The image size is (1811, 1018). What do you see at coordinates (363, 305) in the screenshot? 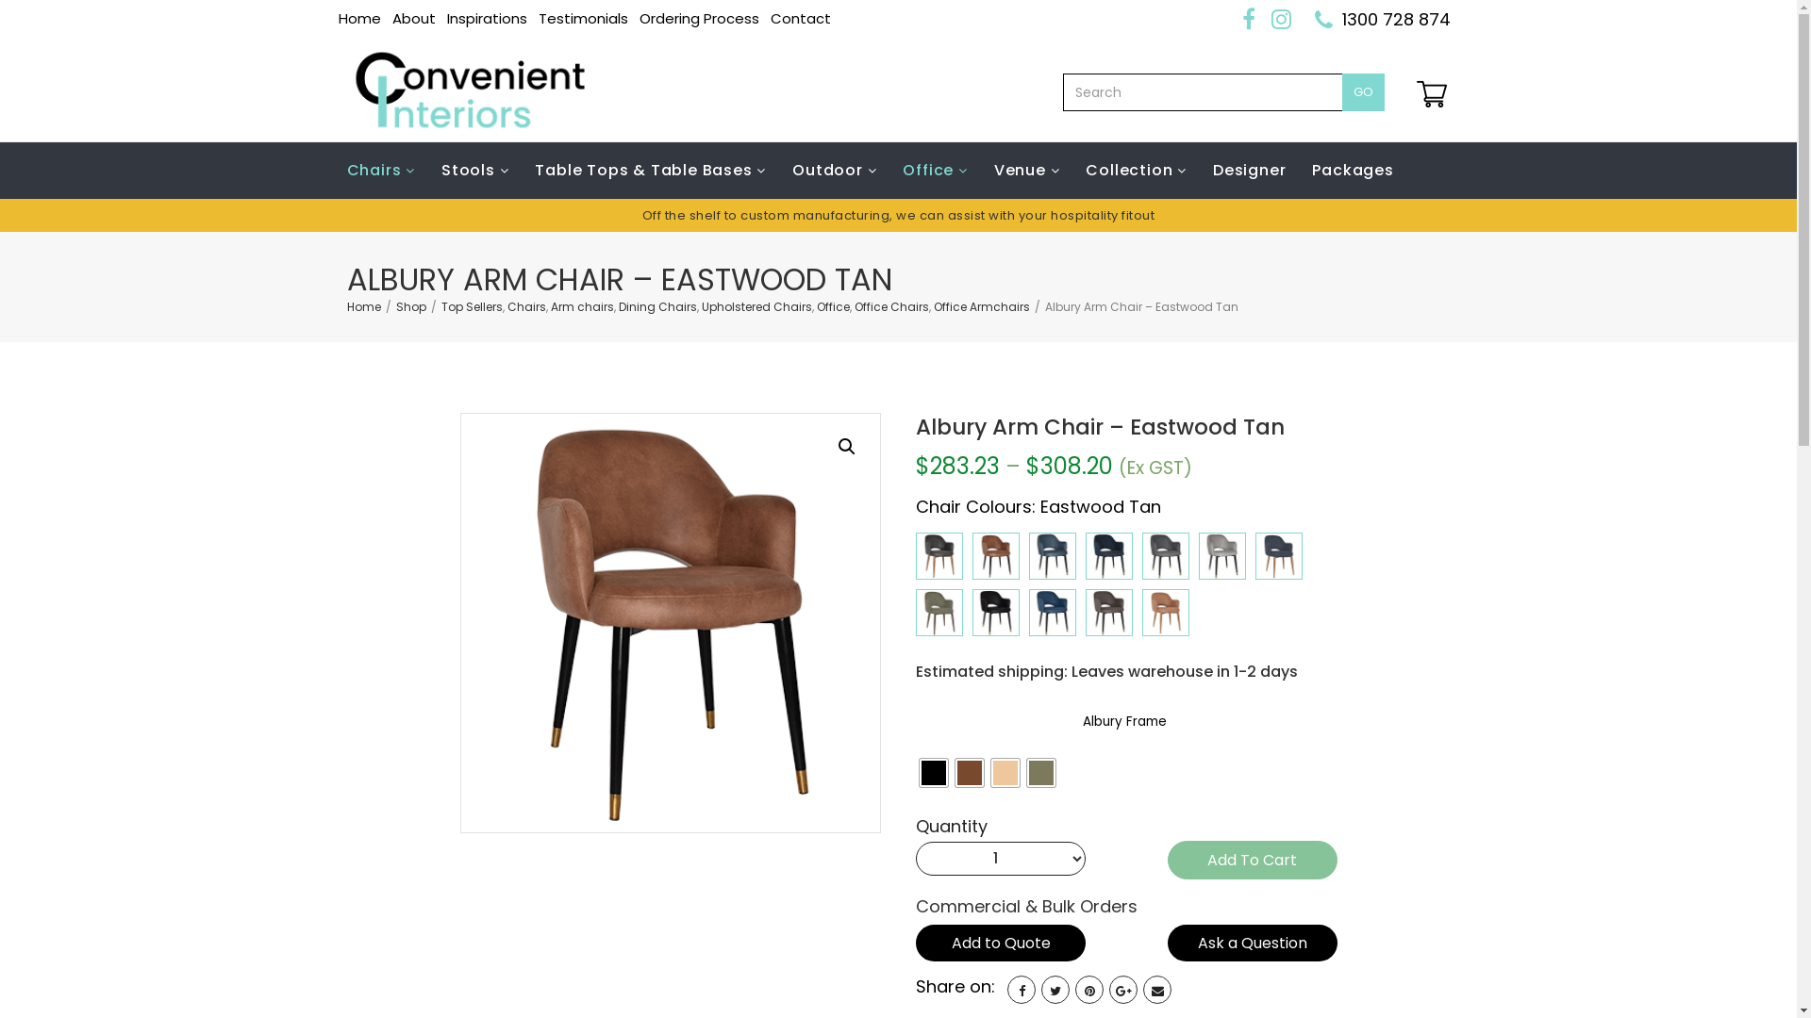
I see `'Home'` at bounding box center [363, 305].